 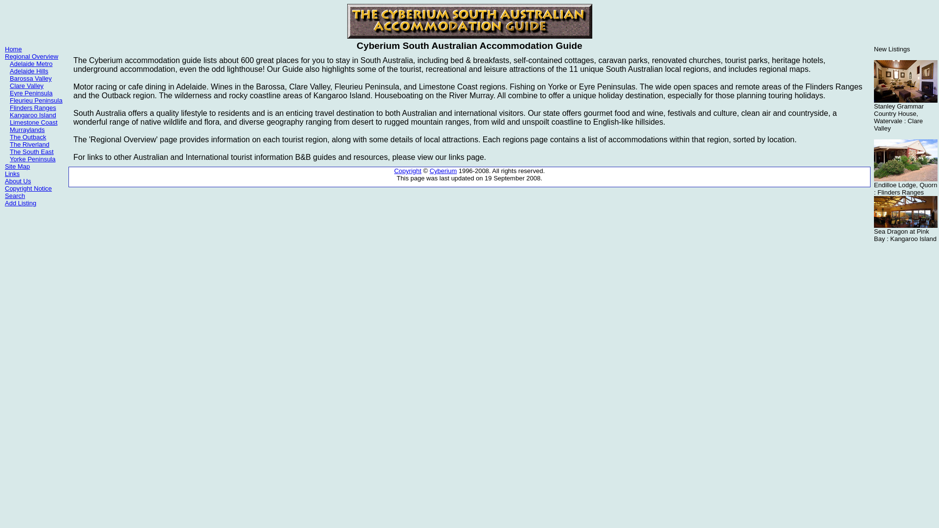 What do you see at coordinates (33, 122) in the screenshot?
I see `'Limestone Coast'` at bounding box center [33, 122].